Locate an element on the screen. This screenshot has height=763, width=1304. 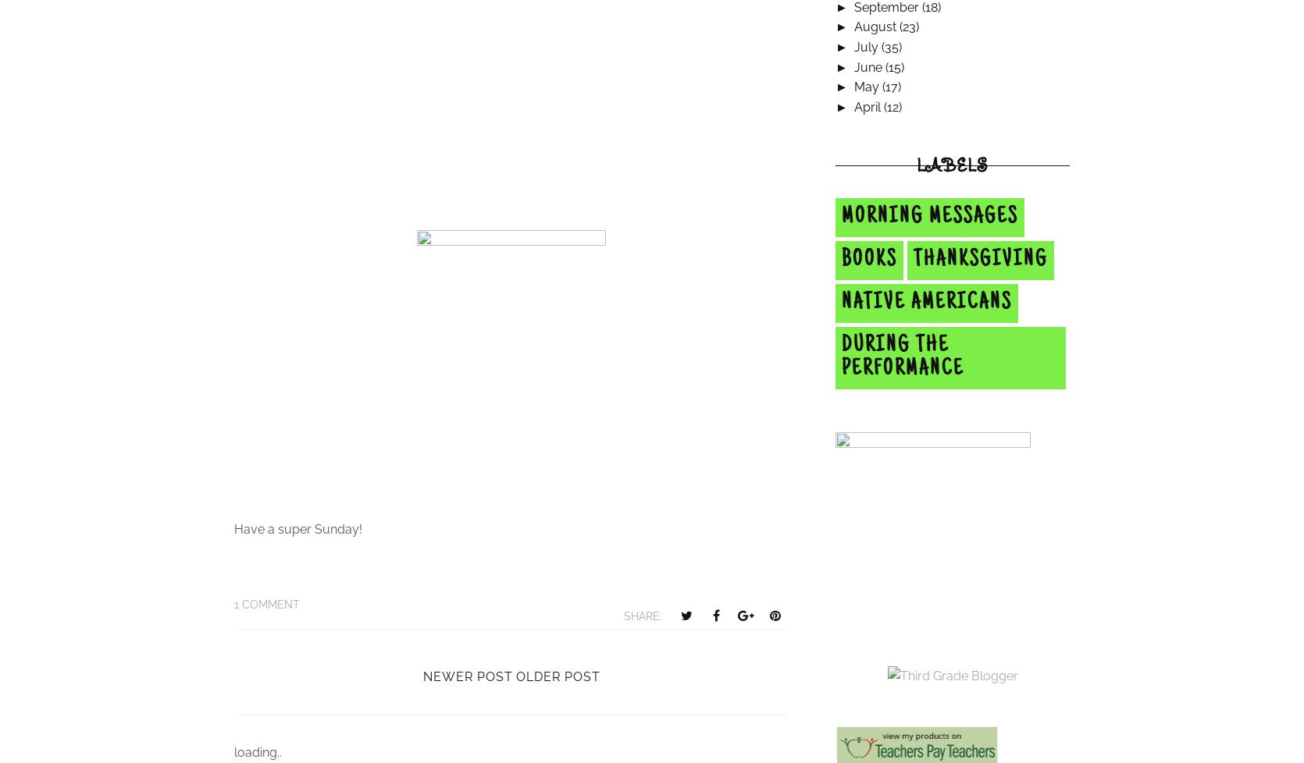
'(12)' is located at coordinates (891, 106).